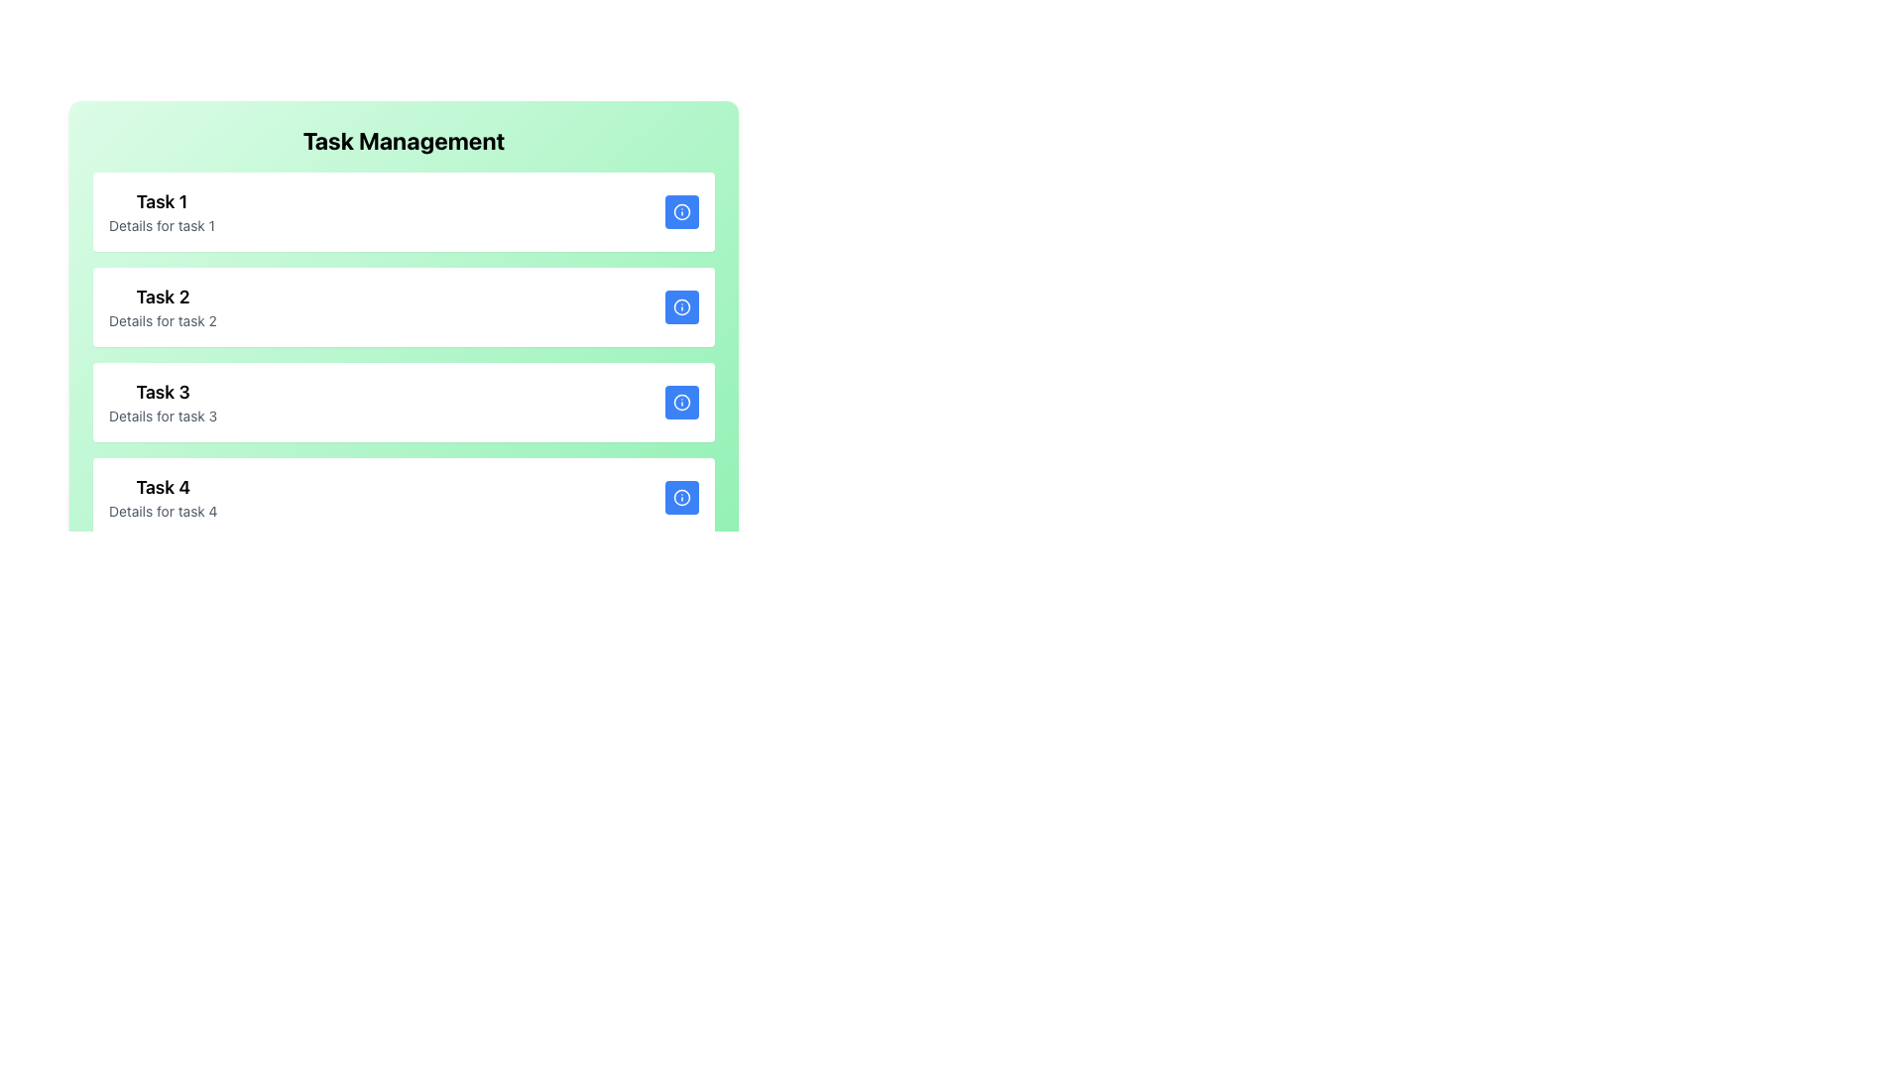 The width and height of the screenshot is (1904, 1071). Describe the element at coordinates (681, 496) in the screenshot. I see `the information icon located in the button of the fourth task element in the task list interface, positioned at the bottom right corner of the task's entry` at that location.